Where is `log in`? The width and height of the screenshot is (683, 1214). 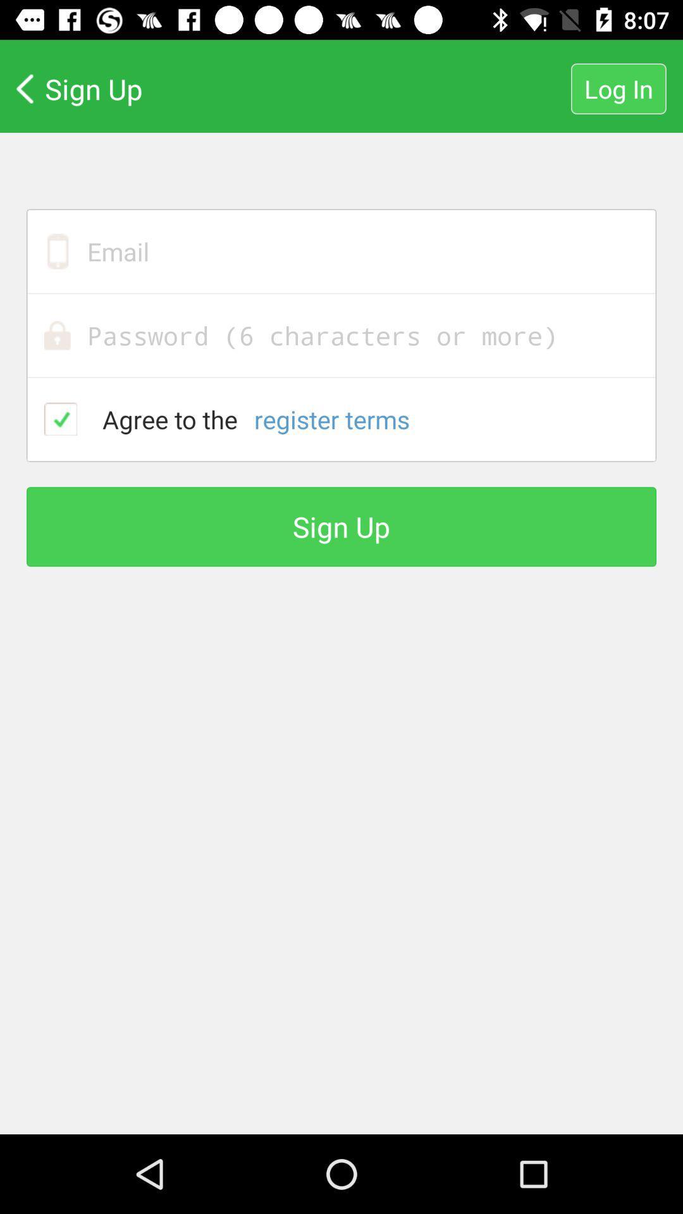
log in is located at coordinates (618, 88).